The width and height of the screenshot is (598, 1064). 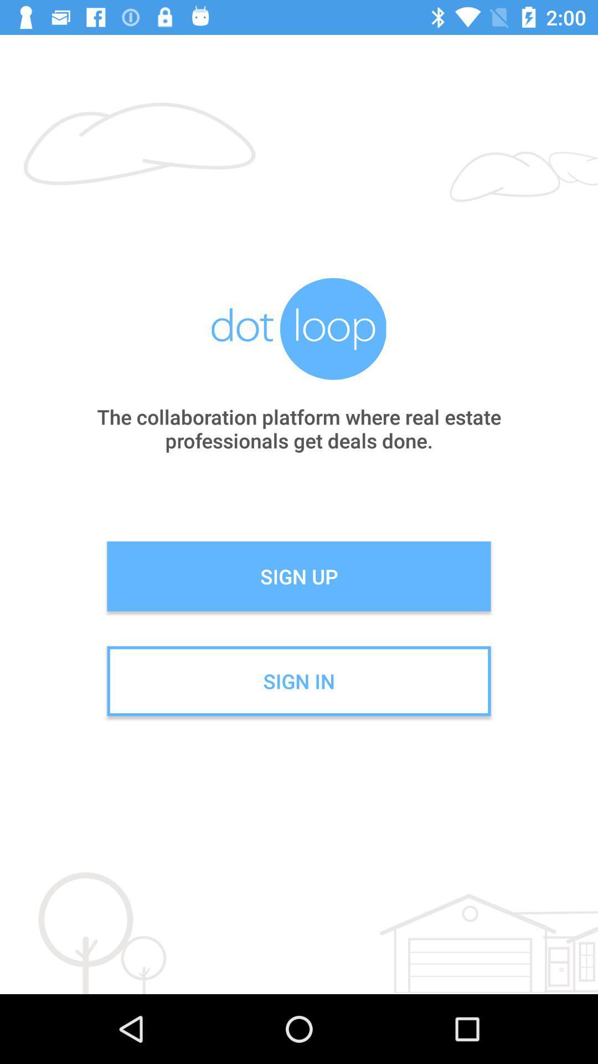 I want to click on sign up item, so click(x=299, y=576).